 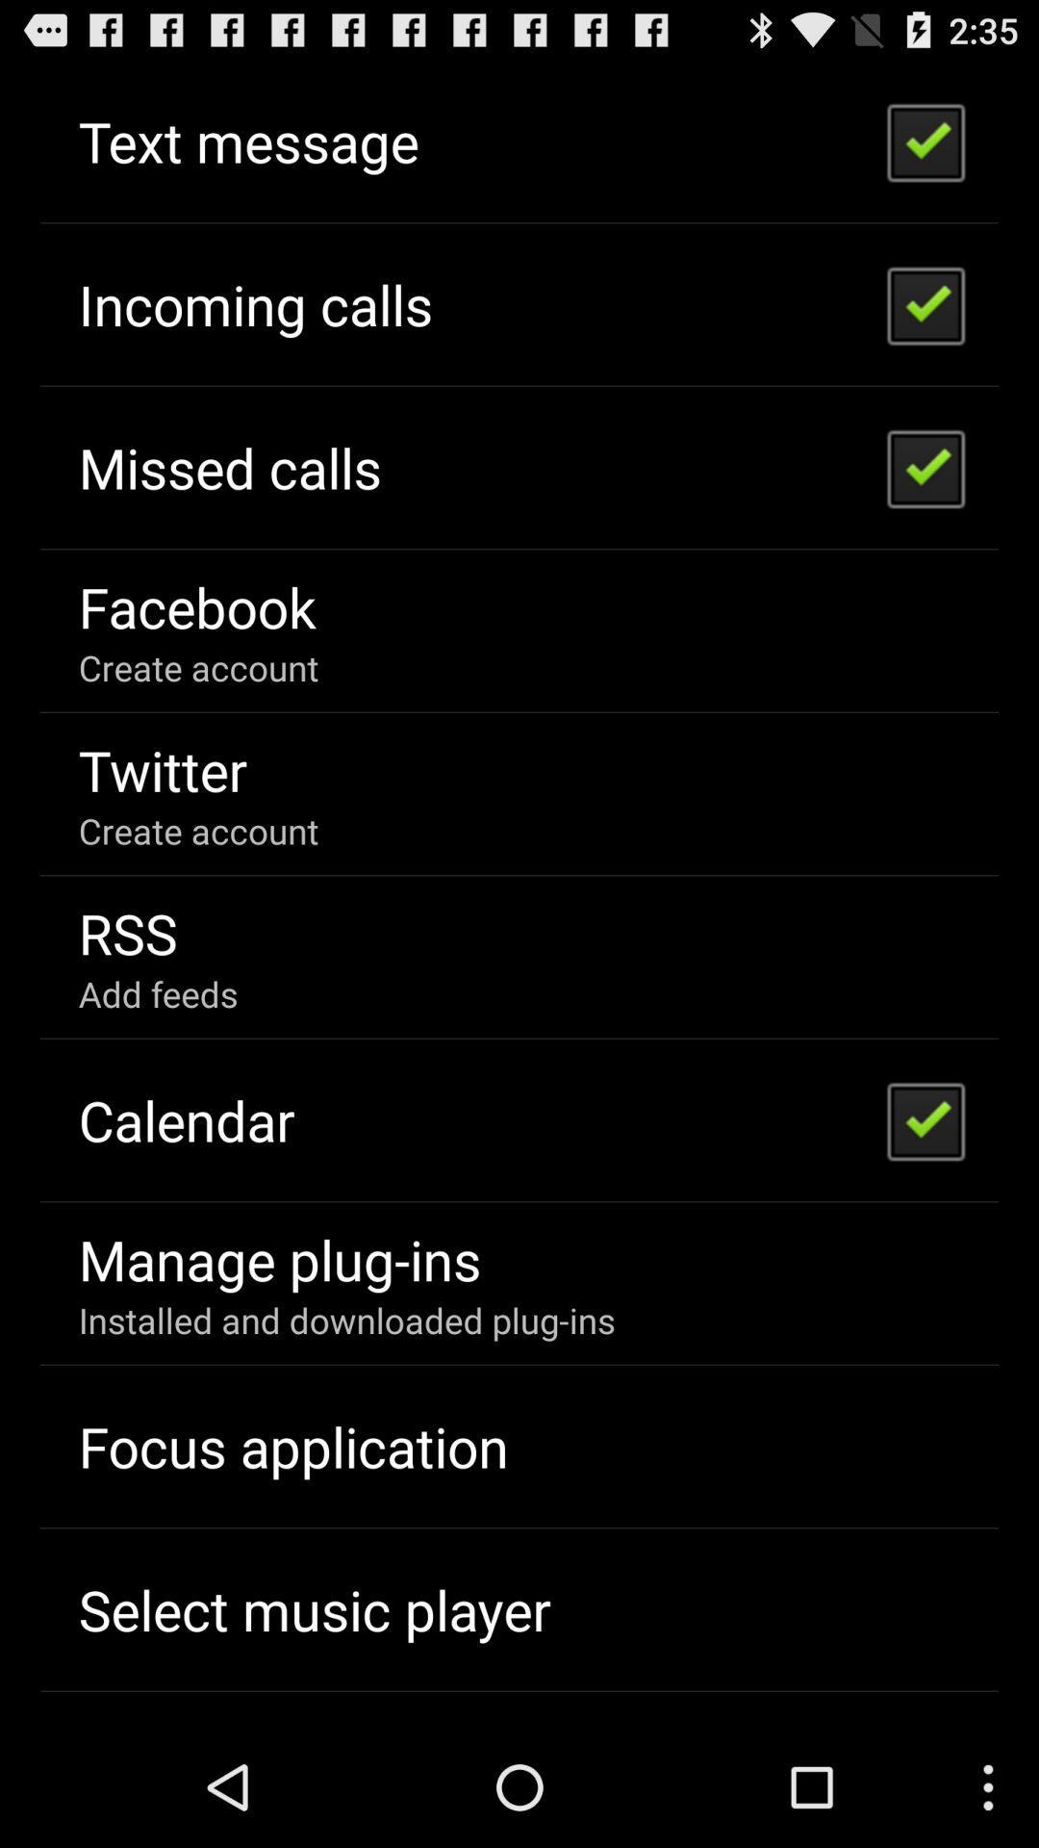 I want to click on missed calls app, so click(x=229, y=467).